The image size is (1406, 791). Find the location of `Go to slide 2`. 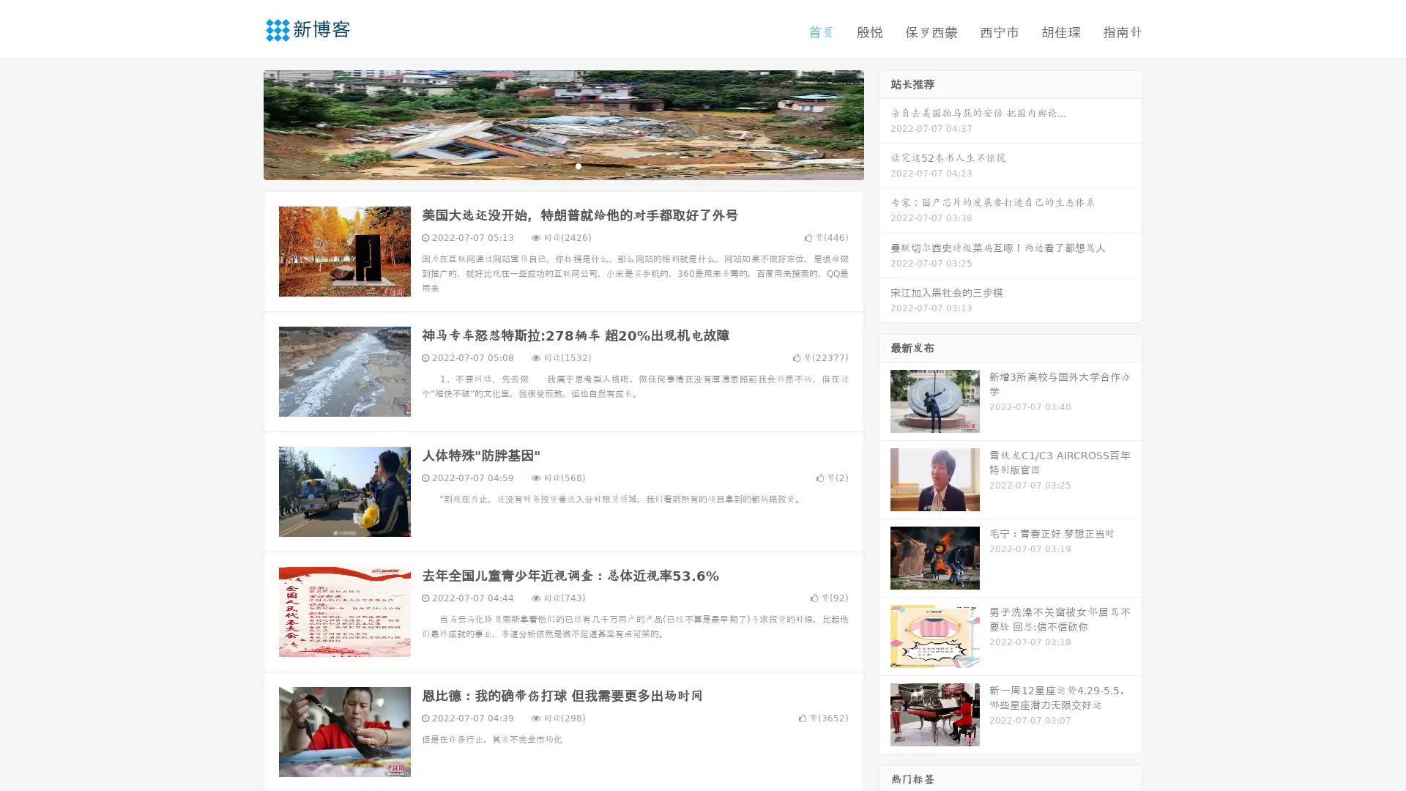

Go to slide 2 is located at coordinates (562, 165).